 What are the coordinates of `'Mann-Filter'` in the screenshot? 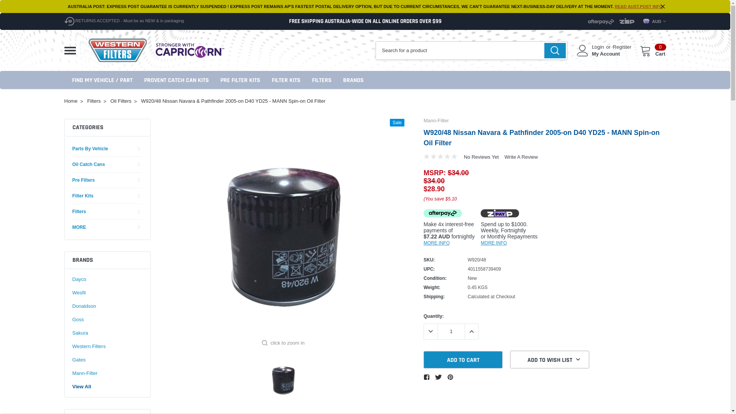 It's located at (423, 120).